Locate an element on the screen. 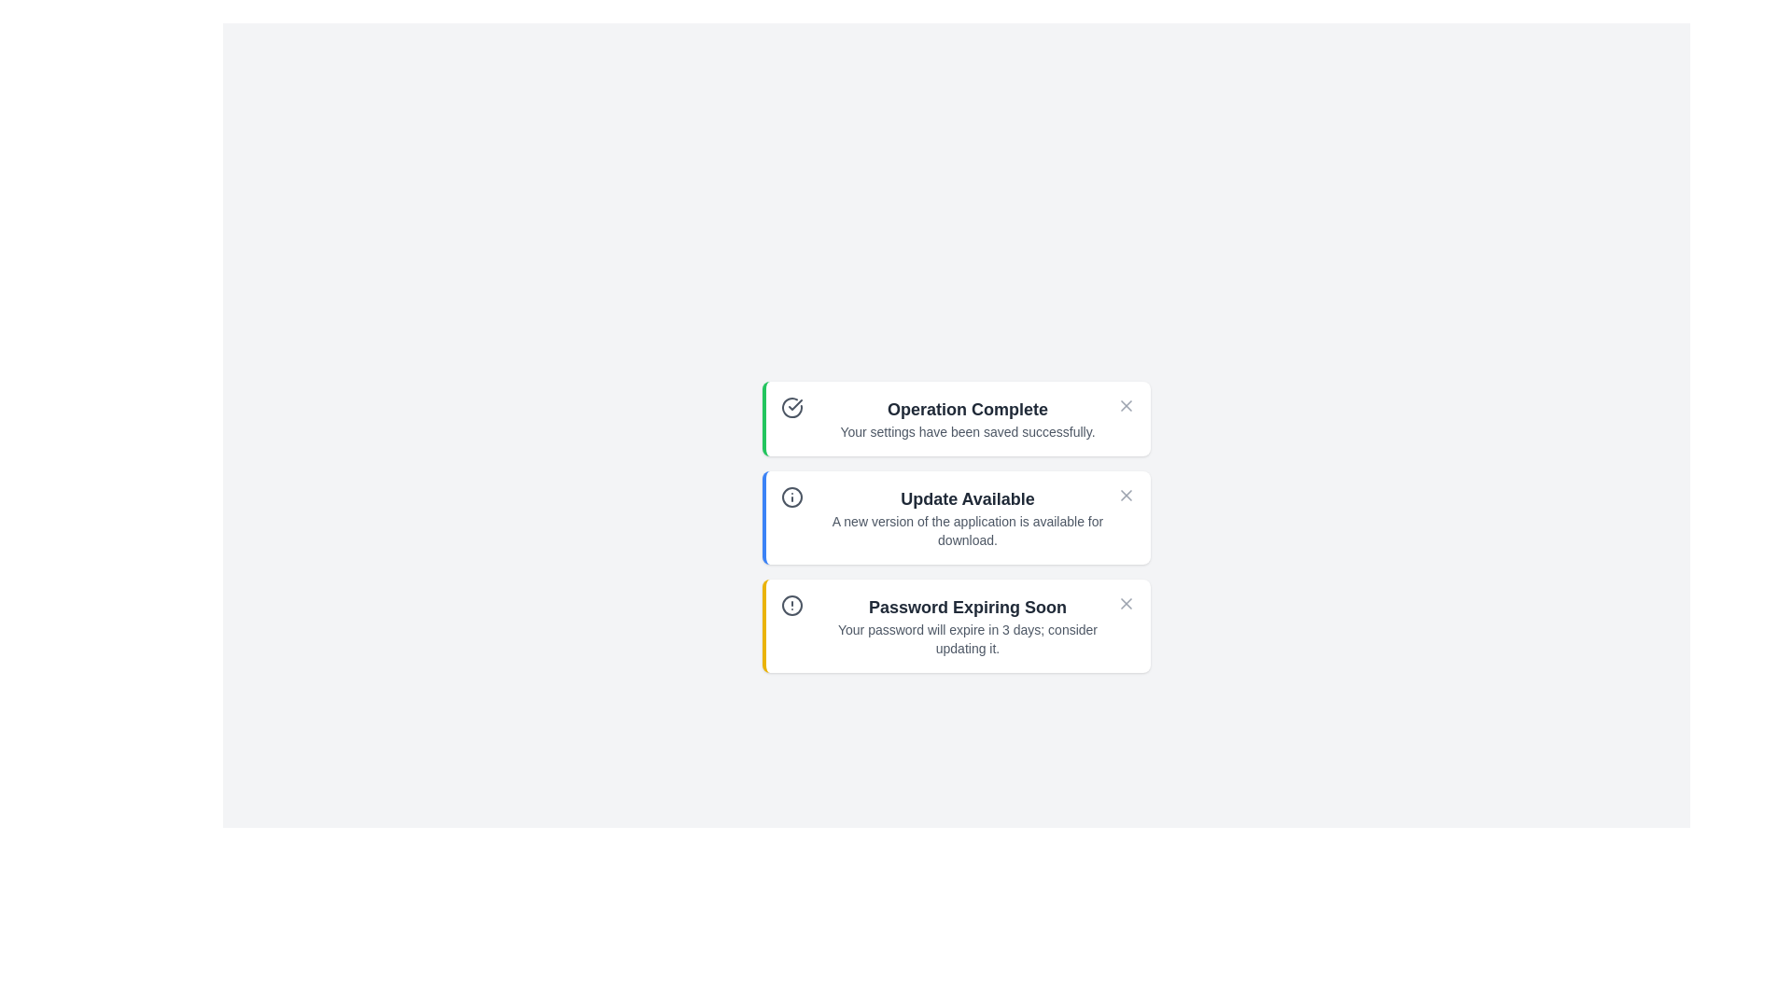  the circular graphical element representing a part of a checkmark icon adjacent to the 'Operation Complete' message is located at coordinates (792, 406).